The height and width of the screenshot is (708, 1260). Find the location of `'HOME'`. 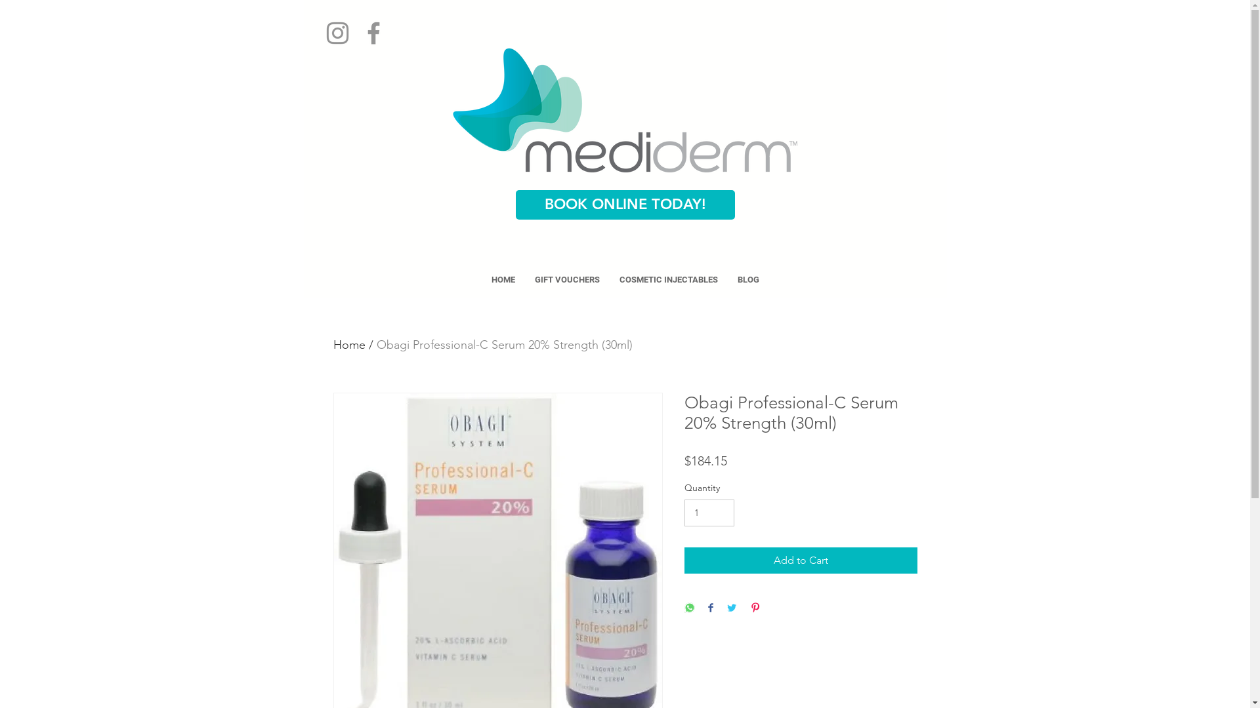

'HOME' is located at coordinates (481, 279).